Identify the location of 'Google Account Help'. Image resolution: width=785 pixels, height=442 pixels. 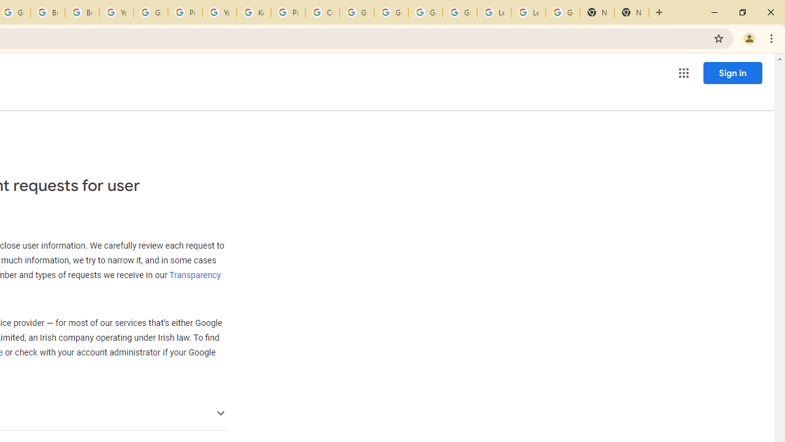
(150, 12).